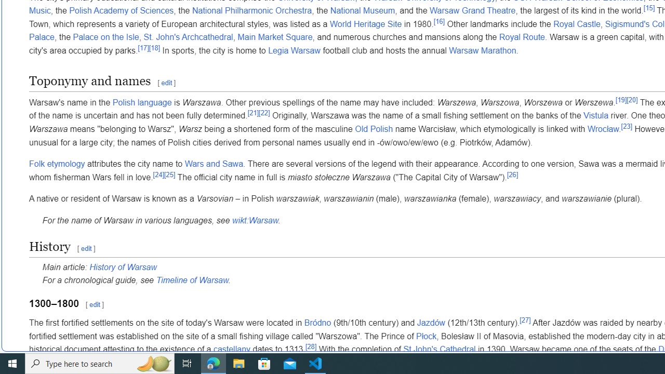  What do you see at coordinates (596, 115) in the screenshot?
I see `'Vistula'` at bounding box center [596, 115].